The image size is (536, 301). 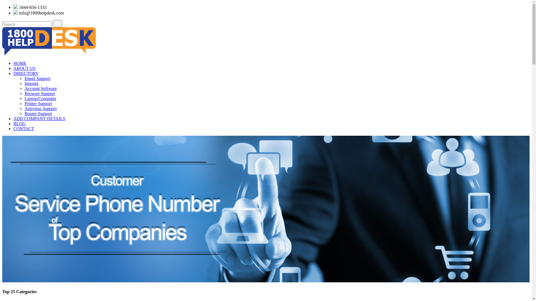 What do you see at coordinates (37, 78) in the screenshot?
I see `'Email Support'` at bounding box center [37, 78].